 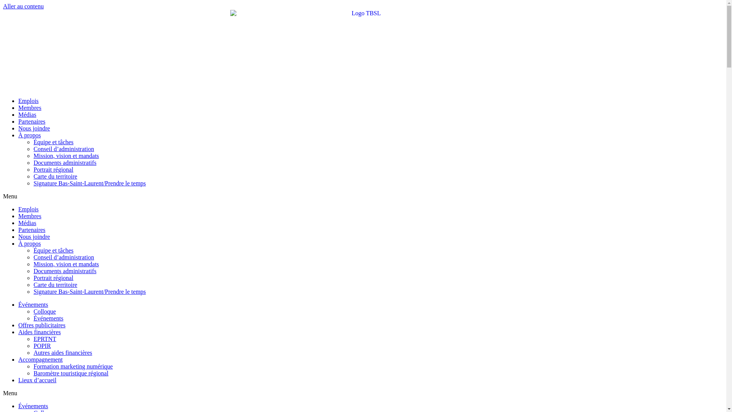 I want to click on 'Nous joindre', so click(x=34, y=128).